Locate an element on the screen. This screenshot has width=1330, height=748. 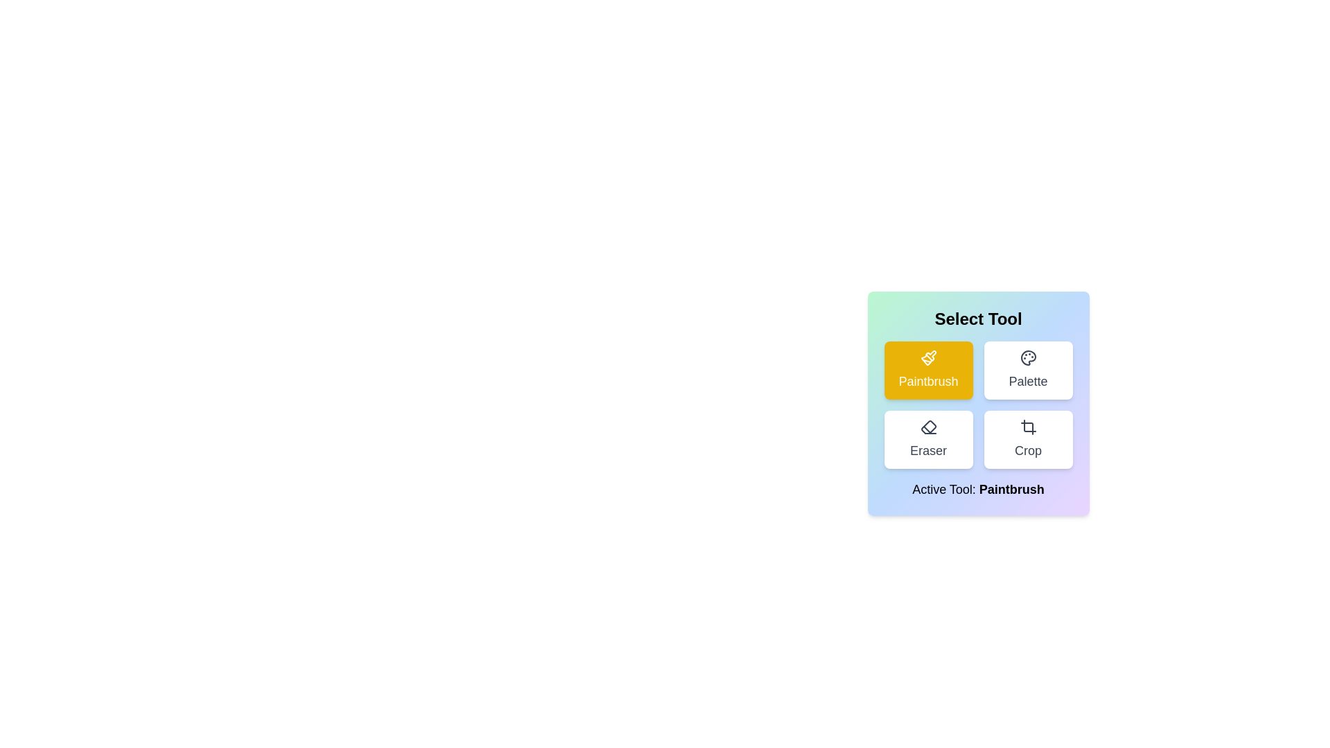
the button corresponding to the tool Palette is located at coordinates (1028, 370).